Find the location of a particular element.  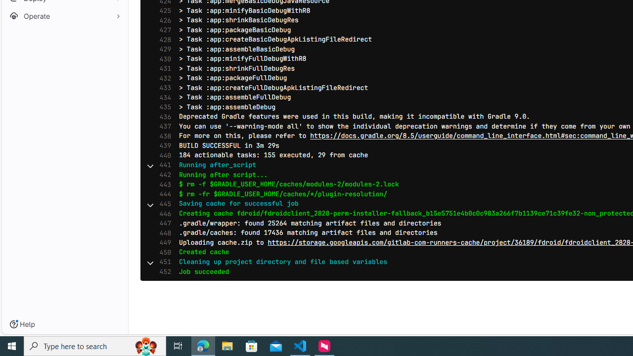

'426' is located at coordinates (163, 20).